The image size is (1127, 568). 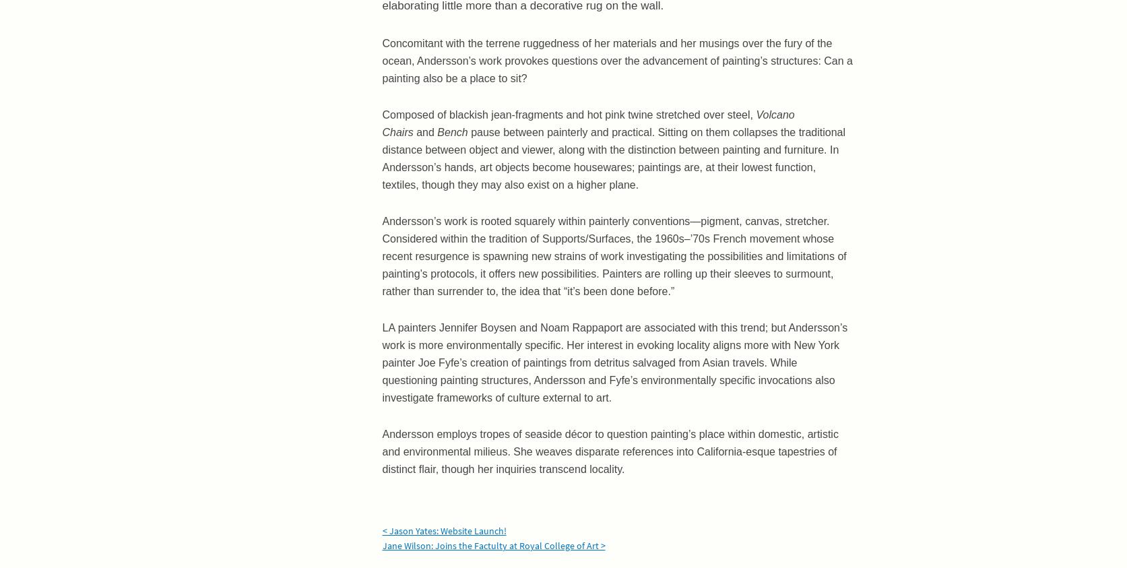 What do you see at coordinates (451, 131) in the screenshot?
I see `'Bench'` at bounding box center [451, 131].